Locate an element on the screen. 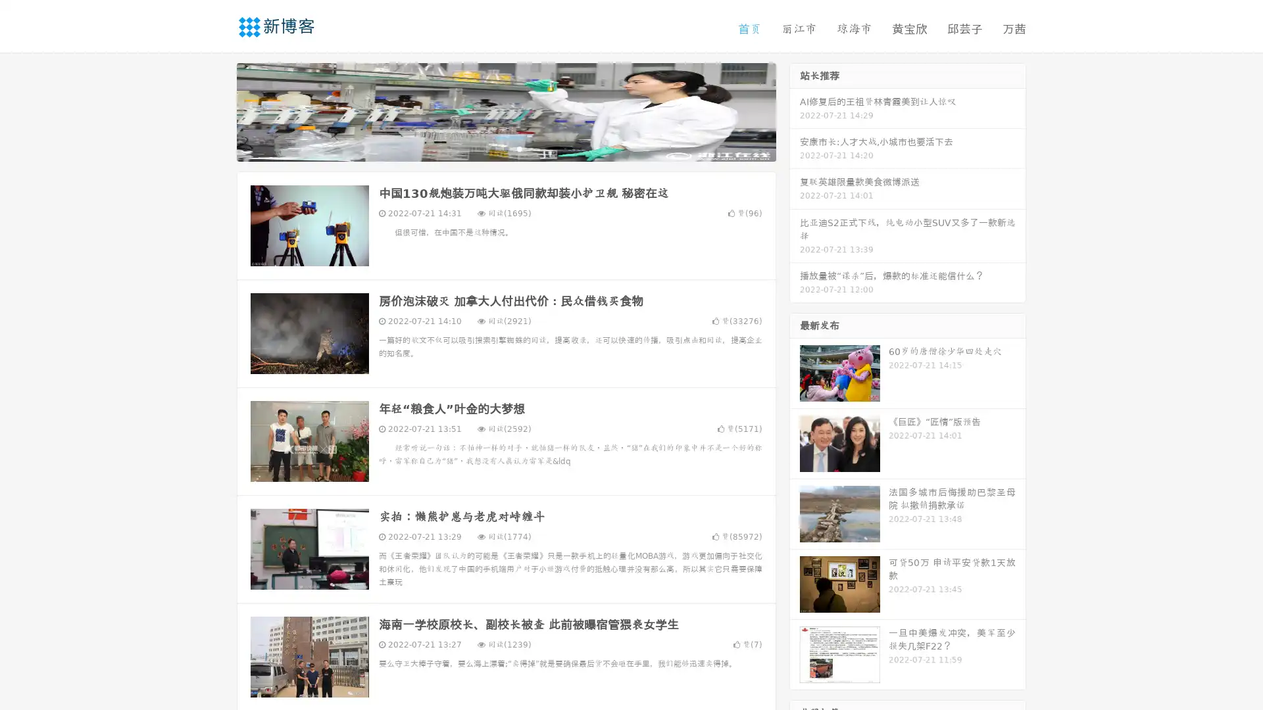  Go to slide 2 is located at coordinates (505, 148).